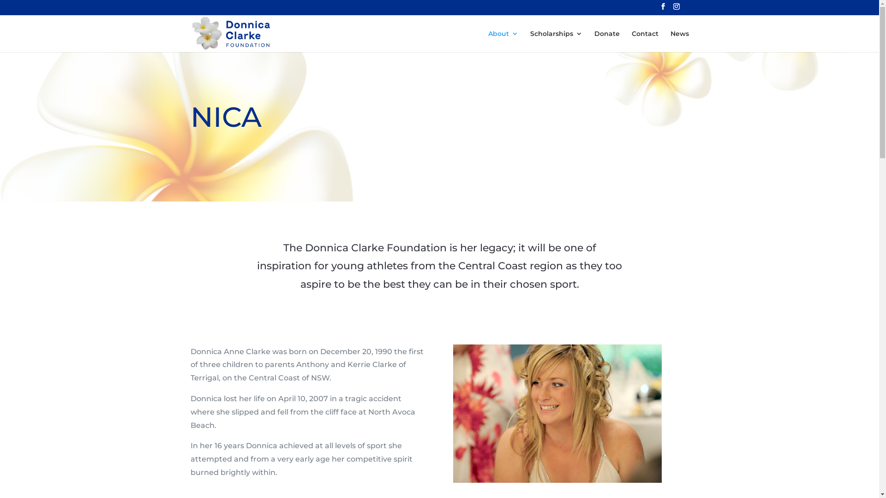 Image resolution: width=886 pixels, height=498 pixels. Describe the element at coordinates (555, 41) in the screenshot. I see `'Scholarships'` at that location.